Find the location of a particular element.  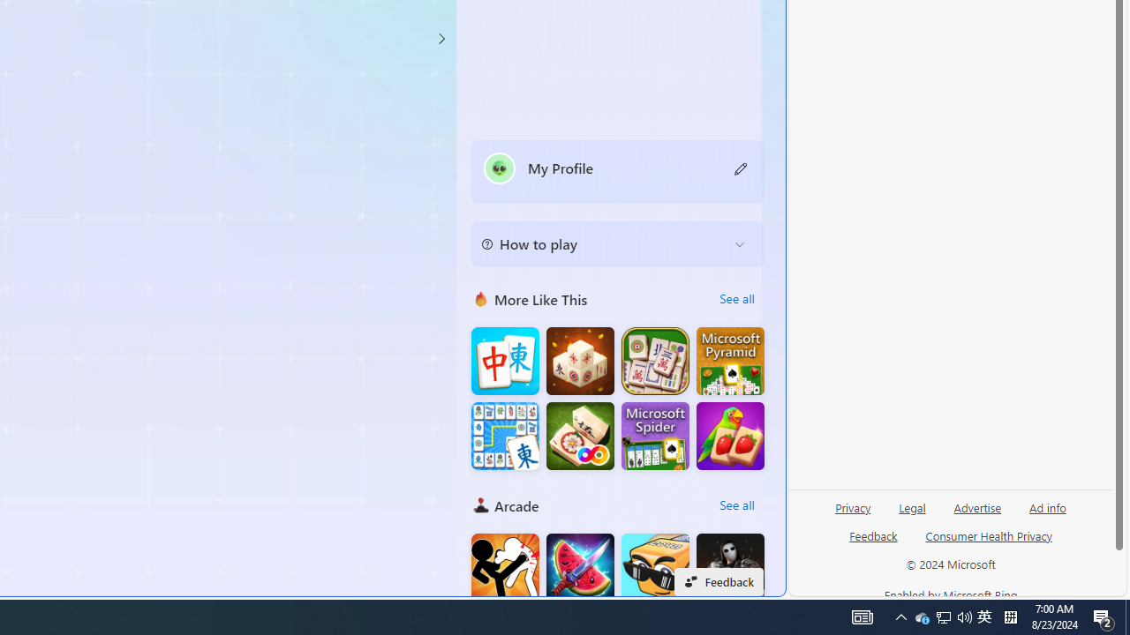

'Class: button edit-icon' is located at coordinates (741, 168).